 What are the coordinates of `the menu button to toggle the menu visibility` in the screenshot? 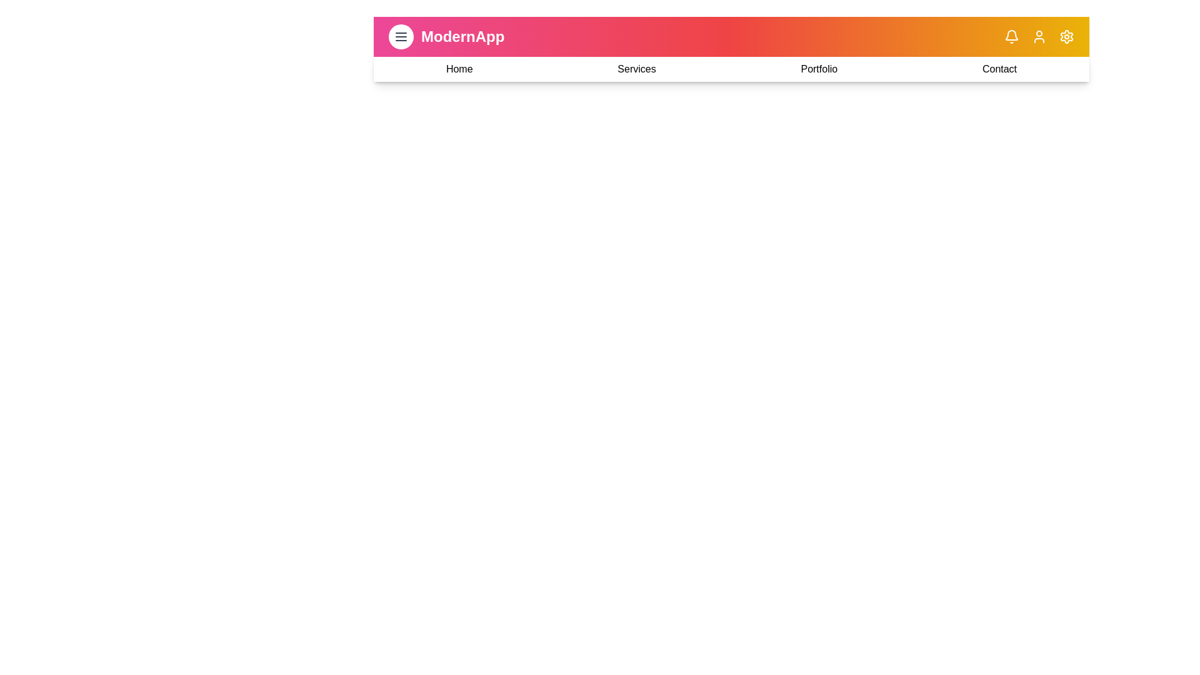 It's located at (401, 36).